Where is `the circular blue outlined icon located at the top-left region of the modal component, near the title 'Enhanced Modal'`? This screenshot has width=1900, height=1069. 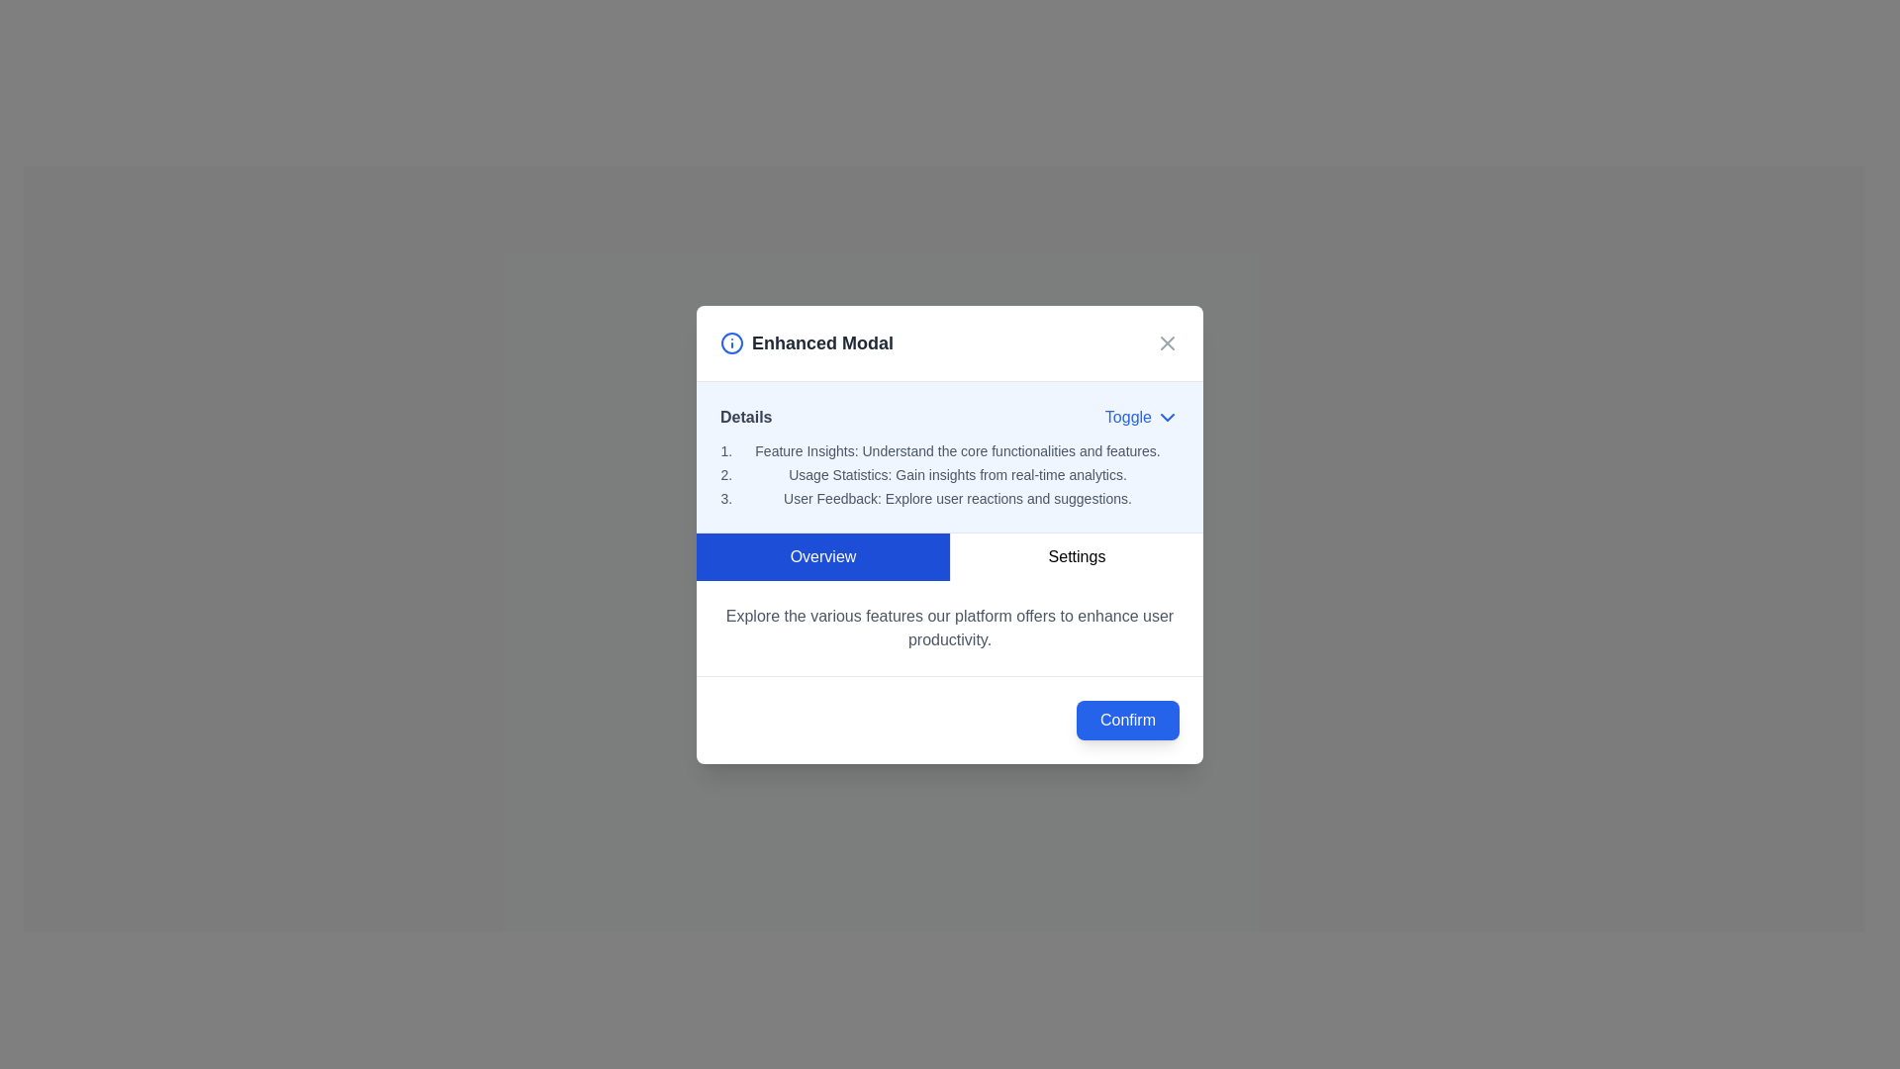
the circular blue outlined icon located at the top-left region of the modal component, near the title 'Enhanced Modal' is located at coordinates (730, 341).